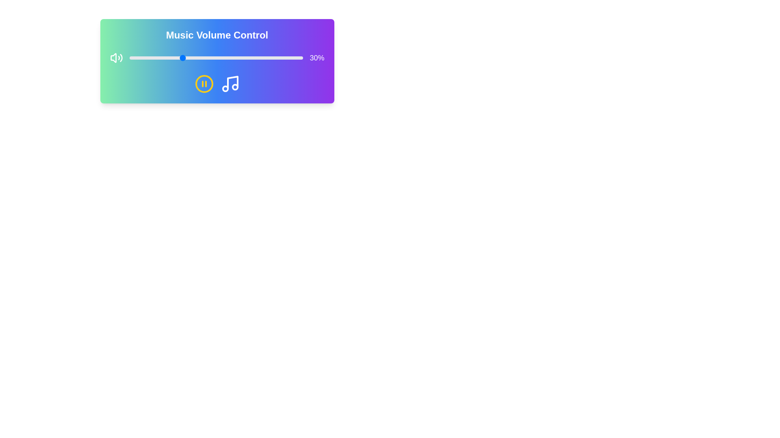 This screenshot has height=438, width=780. What do you see at coordinates (147, 57) in the screenshot?
I see `the volume` at bounding box center [147, 57].